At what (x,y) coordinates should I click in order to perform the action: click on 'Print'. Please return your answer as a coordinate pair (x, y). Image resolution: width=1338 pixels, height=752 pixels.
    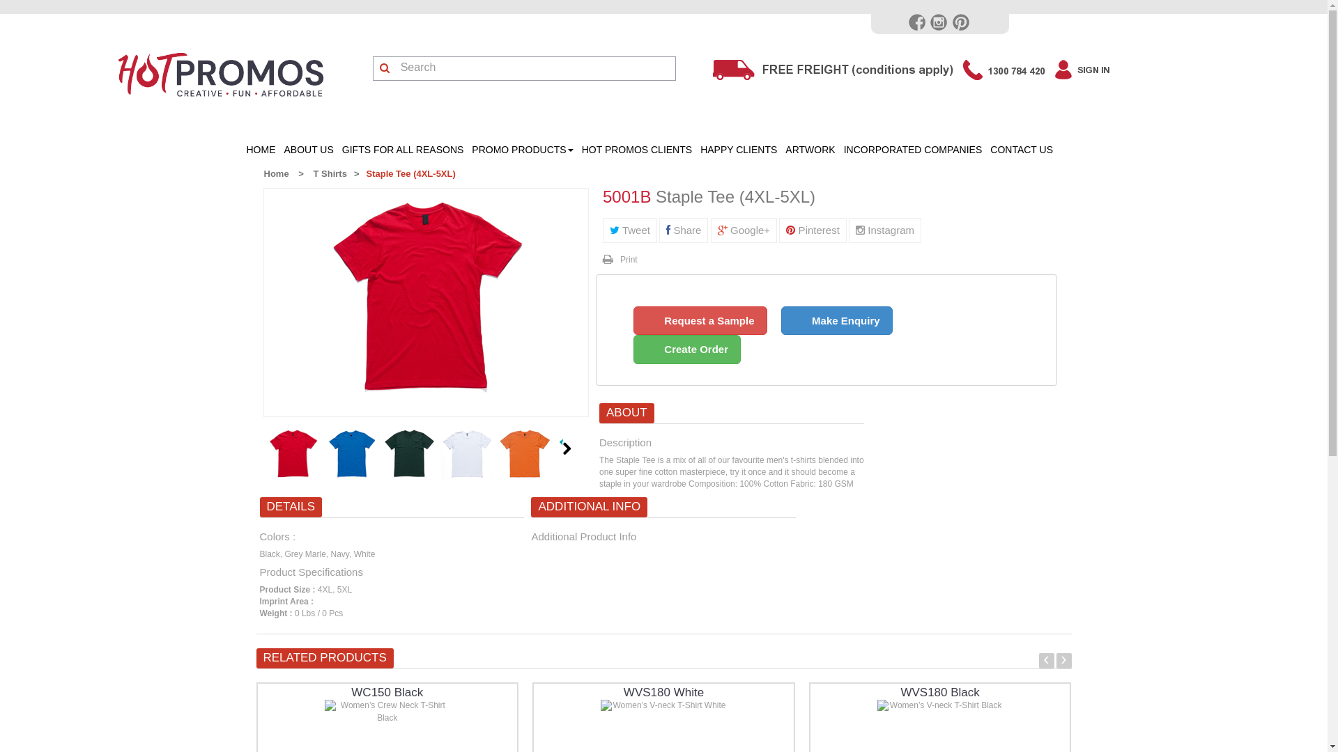
    Looking at the image, I should click on (619, 260).